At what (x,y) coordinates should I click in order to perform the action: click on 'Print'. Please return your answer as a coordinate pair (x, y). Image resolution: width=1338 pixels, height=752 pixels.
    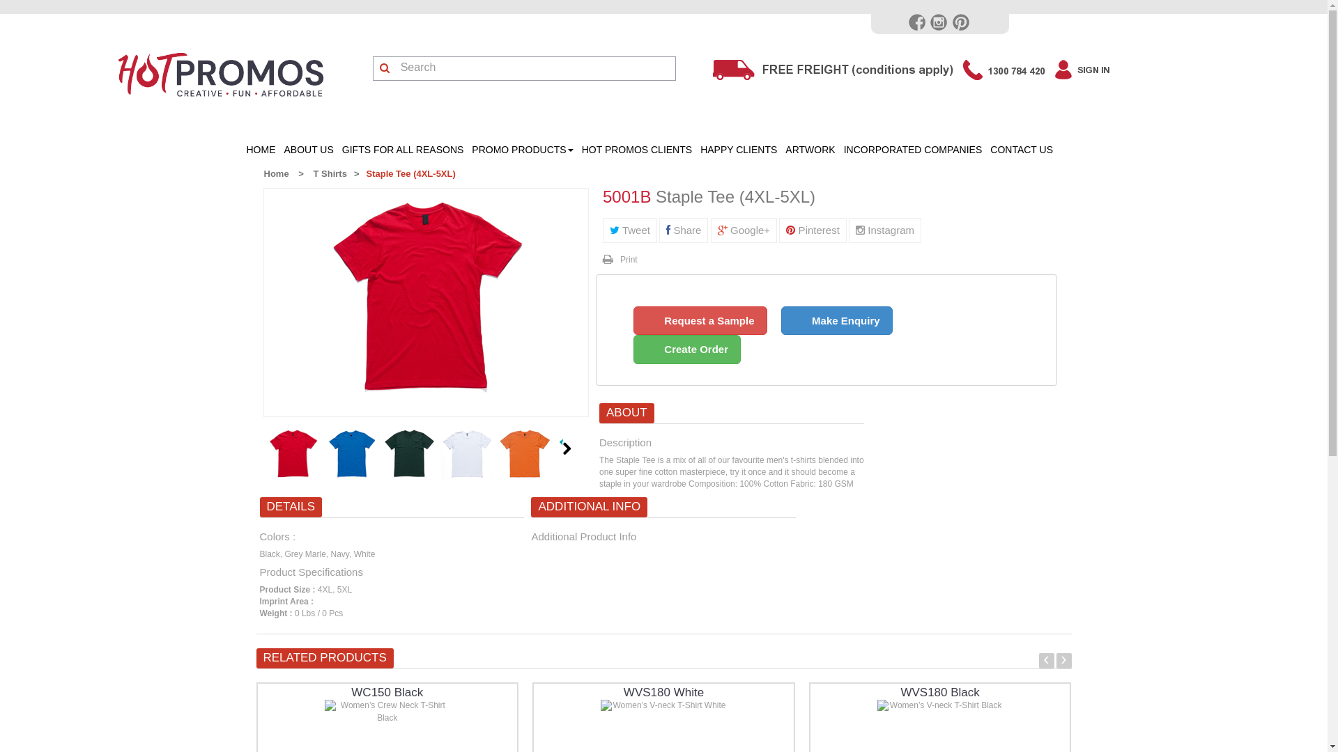
    Looking at the image, I should click on (619, 260).